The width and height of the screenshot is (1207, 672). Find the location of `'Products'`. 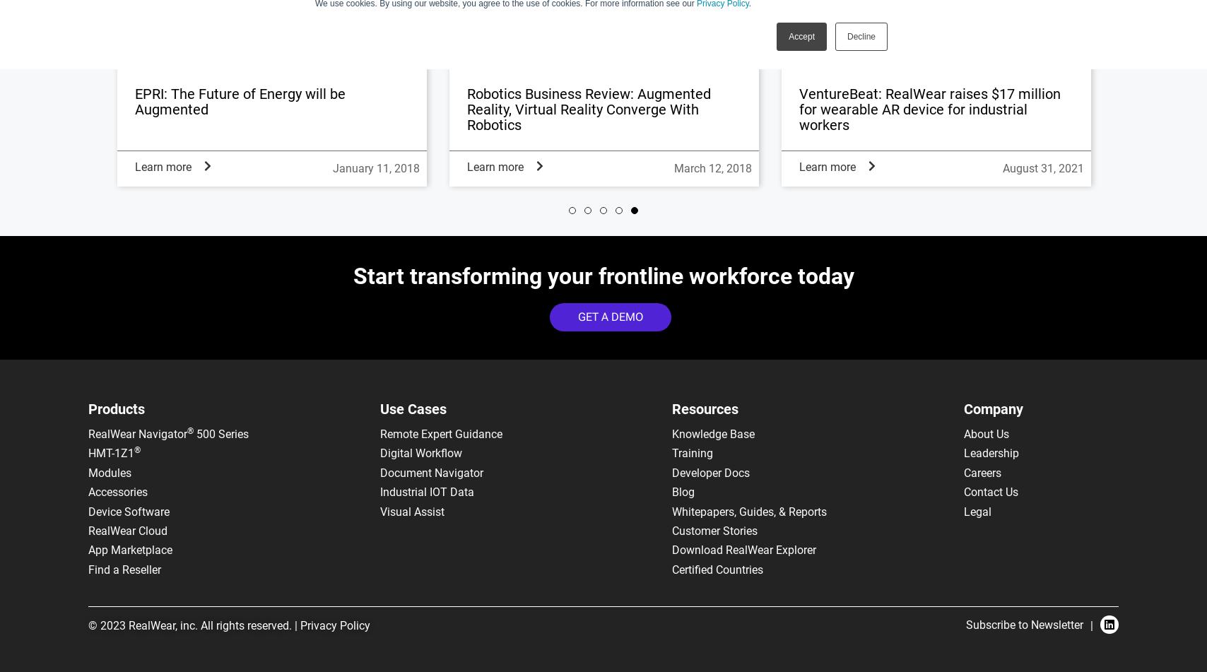

'Products' is located at coordinates (116, 408).